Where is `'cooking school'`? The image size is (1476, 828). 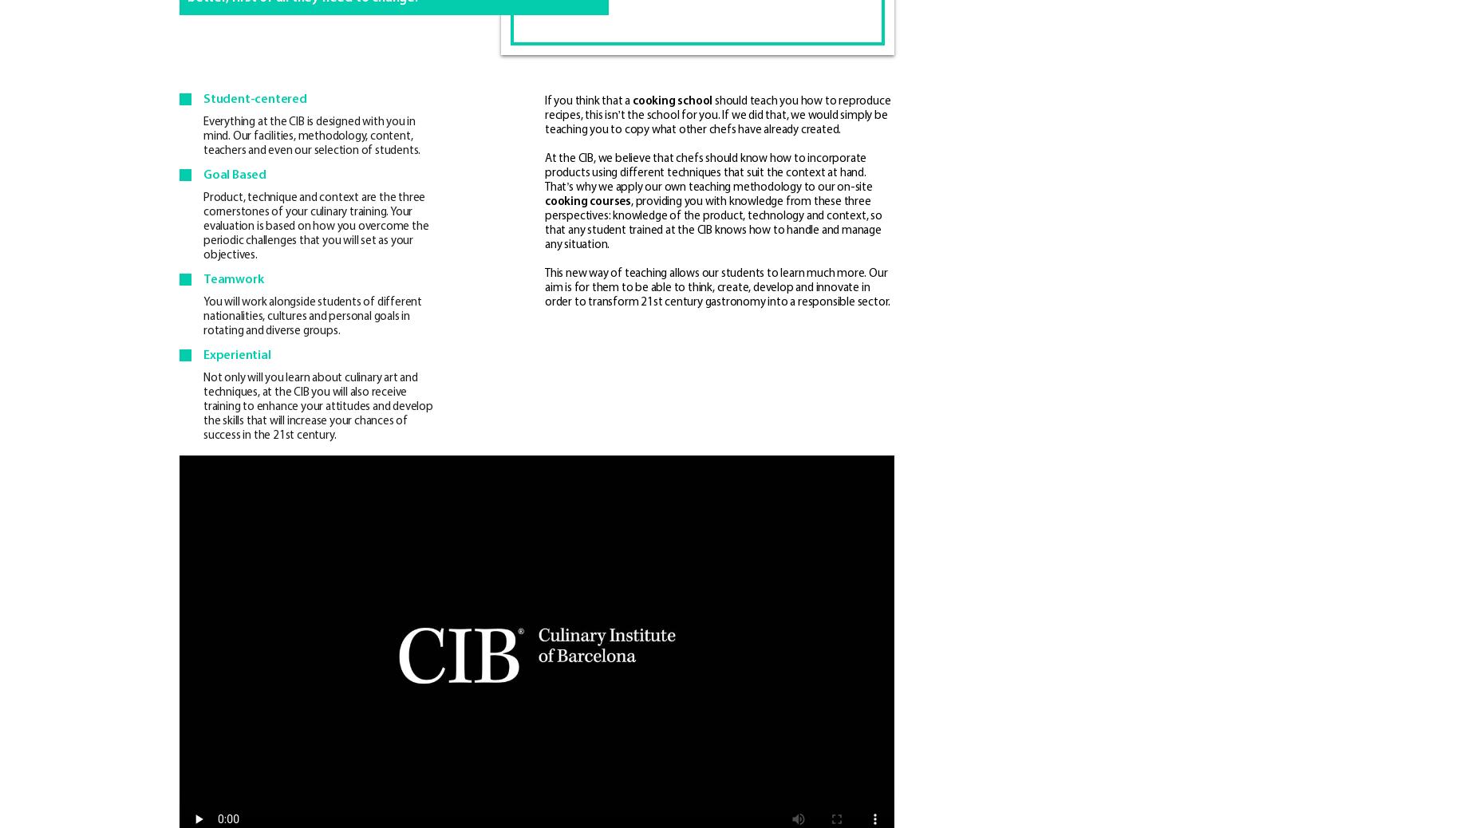
'cooking school' is located at coordinates (673, 100).